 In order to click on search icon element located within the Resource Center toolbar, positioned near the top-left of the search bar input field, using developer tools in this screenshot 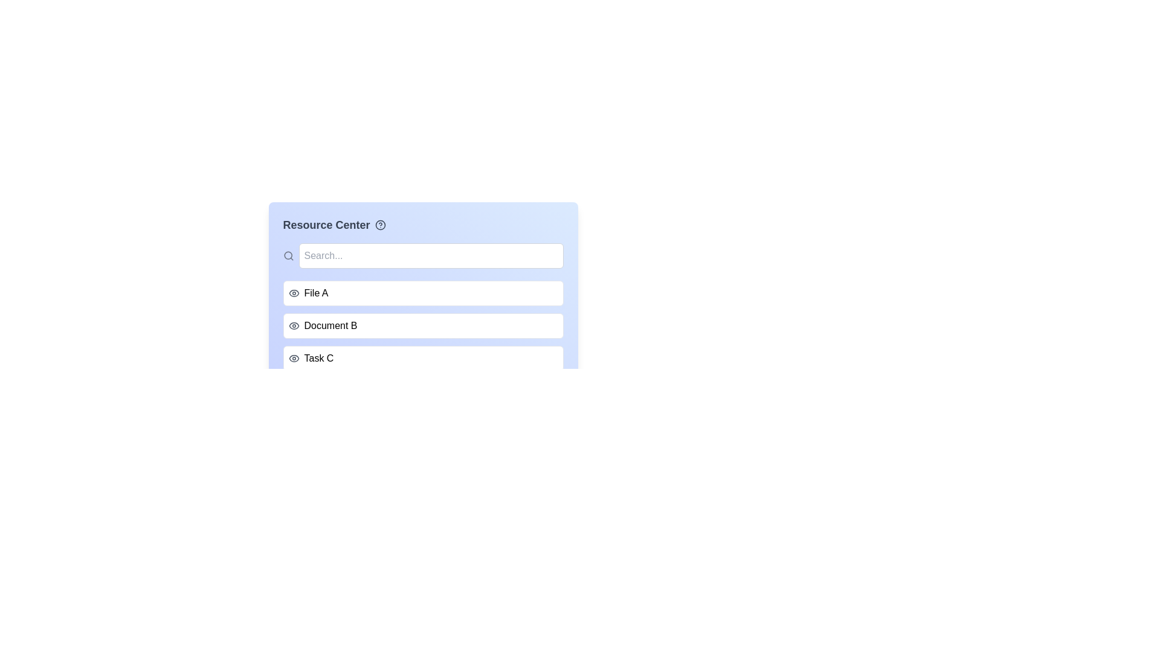, I will do `click(287, 255)`.